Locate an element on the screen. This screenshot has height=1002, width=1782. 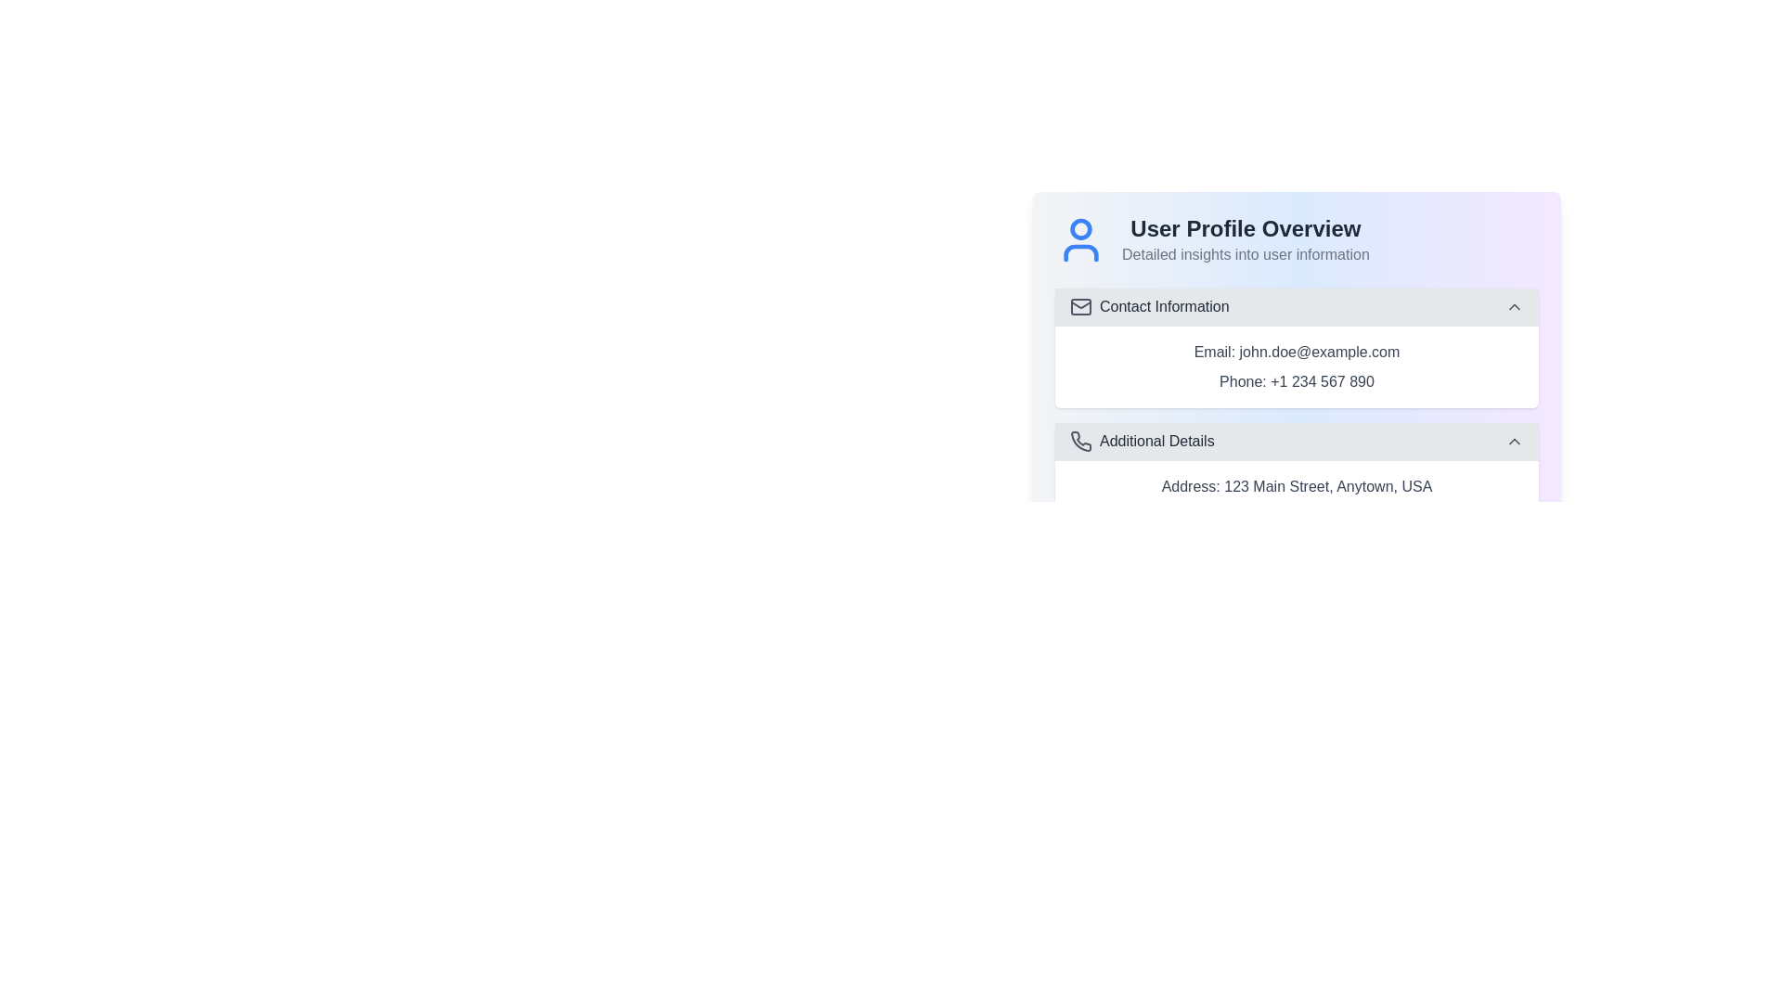
the text header displaying 'User Profile Overview', which is styled in bold, large dark gray font at the top of the user profile section is located at coordinates (1246, 227).